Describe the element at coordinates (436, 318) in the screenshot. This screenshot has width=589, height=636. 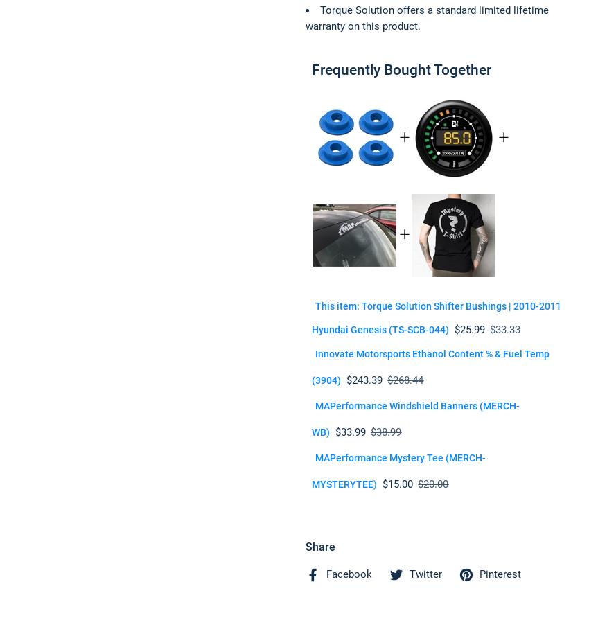
I see `'Torque Solution Shifter Bushings | 2010-2011 Hyundai Genesis (TS-SCB-044)'` at that location.